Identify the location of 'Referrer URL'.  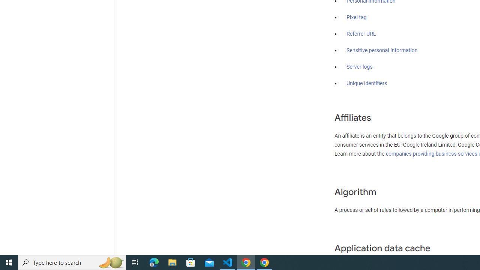
(361, 34).